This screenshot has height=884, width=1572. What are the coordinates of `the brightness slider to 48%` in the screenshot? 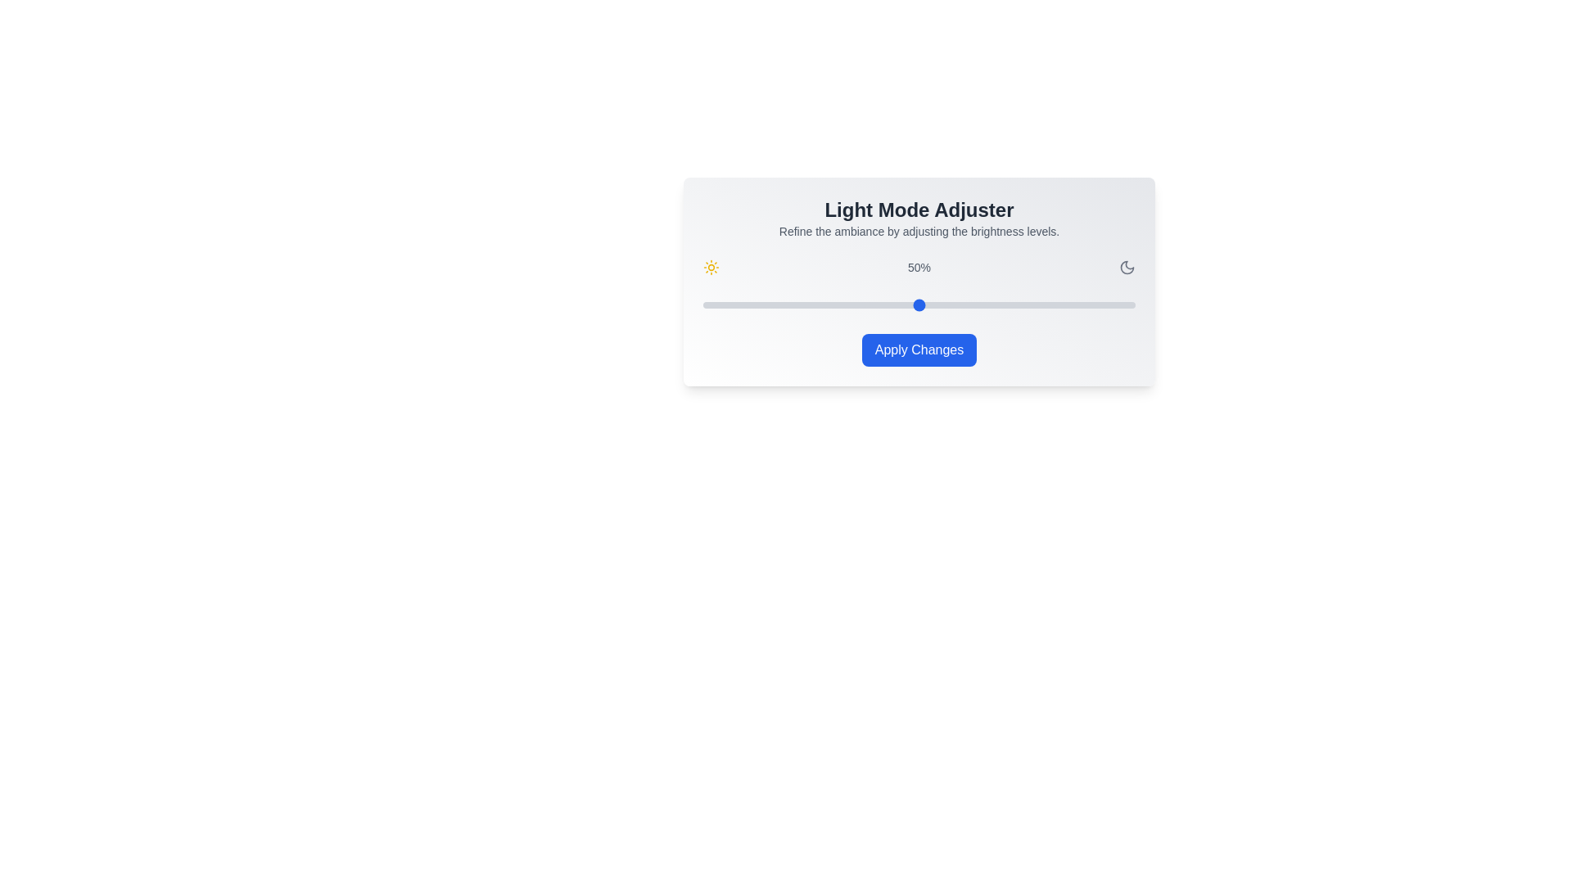 It's located at (910, 305).